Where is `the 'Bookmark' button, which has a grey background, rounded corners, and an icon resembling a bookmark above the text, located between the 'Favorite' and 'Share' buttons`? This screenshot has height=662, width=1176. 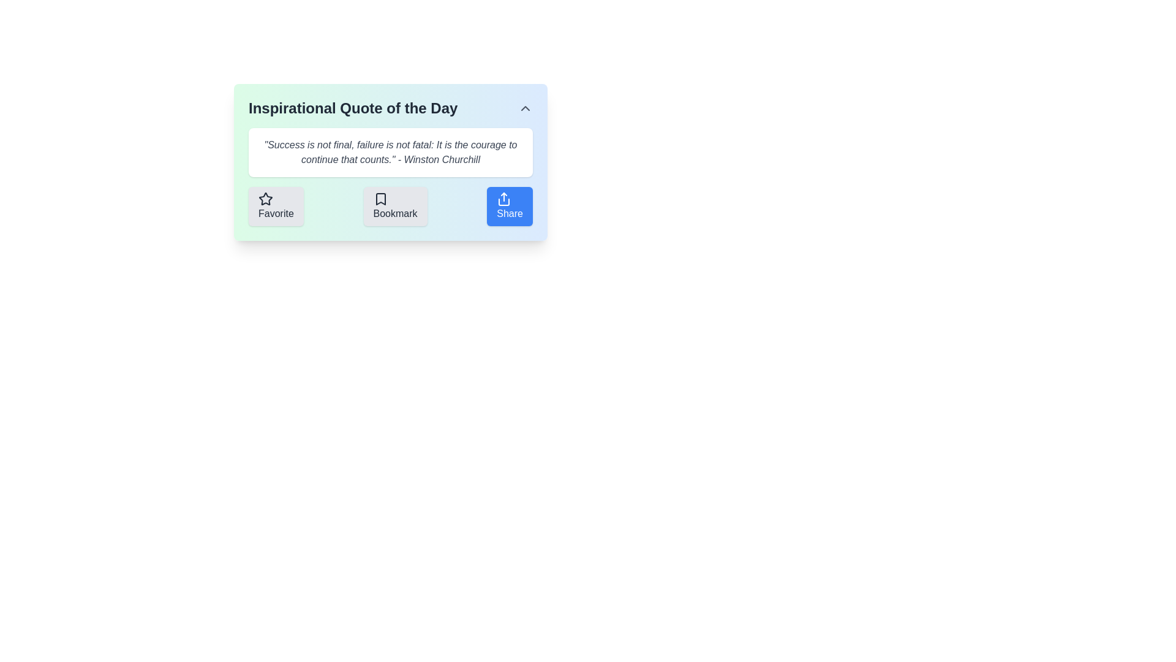
the 'Bookmark' button, which has a grey background, rounded corners, and an icon resembling a bookmark above the text, located between the 'Favorite' and 'Share' buttons is located at coordinates (395, 205).